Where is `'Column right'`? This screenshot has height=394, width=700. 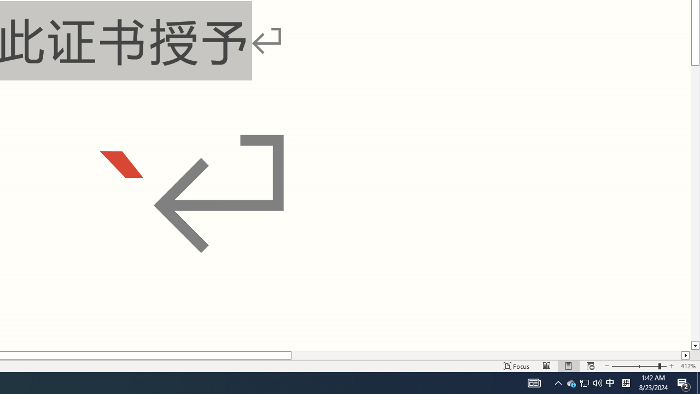
'Column right' is located at coordinates (685, 355).